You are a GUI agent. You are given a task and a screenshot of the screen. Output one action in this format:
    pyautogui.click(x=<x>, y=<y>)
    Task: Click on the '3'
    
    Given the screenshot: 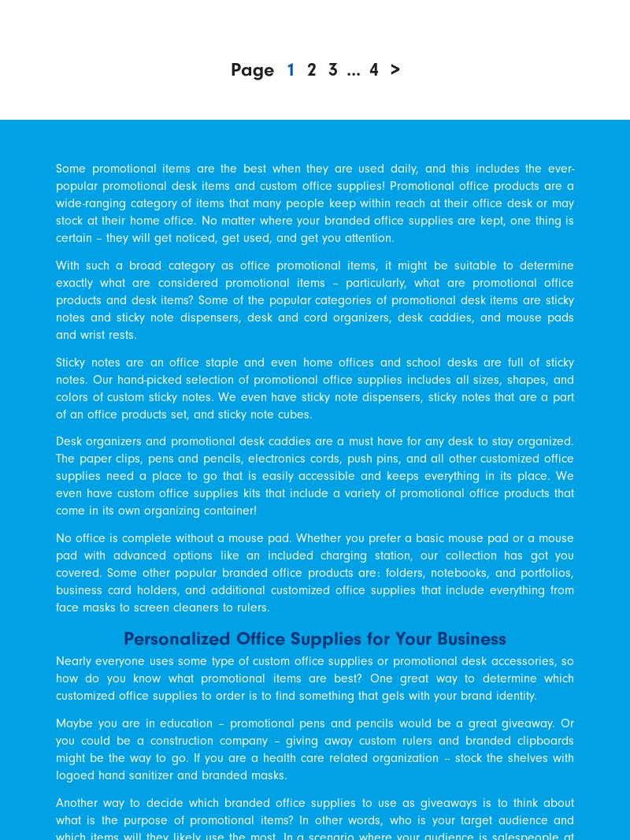 What is the action you would take?
    pyautogui.click(x=328, y=67)
    